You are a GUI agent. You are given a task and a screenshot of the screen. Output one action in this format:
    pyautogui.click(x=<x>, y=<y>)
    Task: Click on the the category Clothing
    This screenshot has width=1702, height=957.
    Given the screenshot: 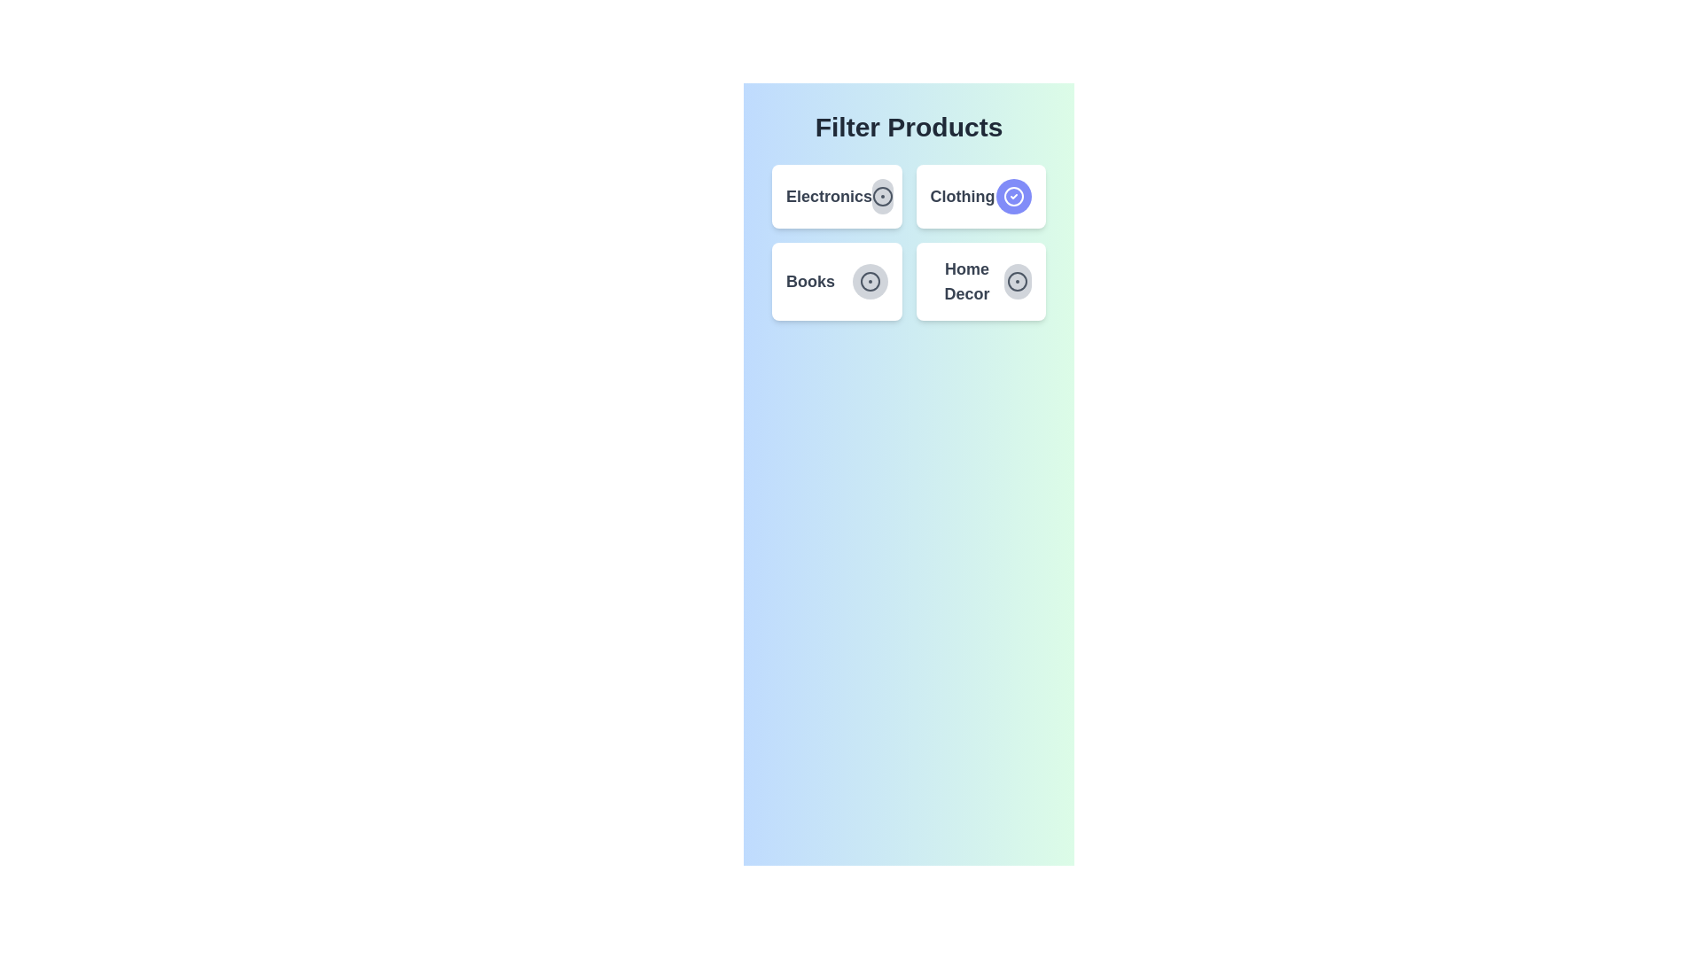 What is the action you would take?
    pyautogui.click(x=1013, y=197)
    